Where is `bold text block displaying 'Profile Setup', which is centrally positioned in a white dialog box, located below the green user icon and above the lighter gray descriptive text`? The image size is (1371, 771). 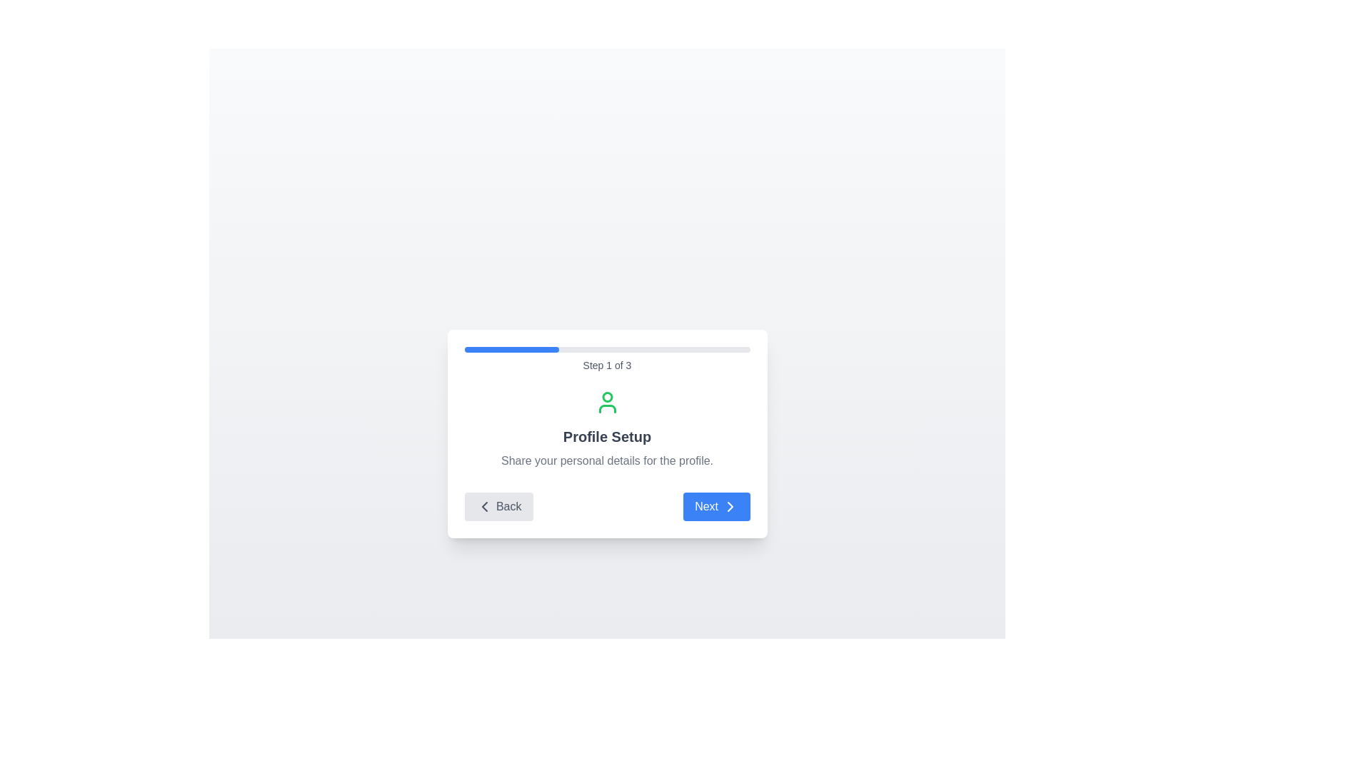 bold text block displaying 'Profile Setup', which is centrally positioned in a white dialog box, located below the green user icon and above the lighter gray descriptive text is located at coordinates (607, 435).